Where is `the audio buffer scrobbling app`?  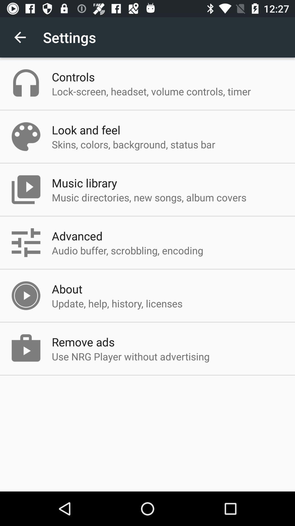
the audio buffer scrobbling app is located at coordinates (127, 250).